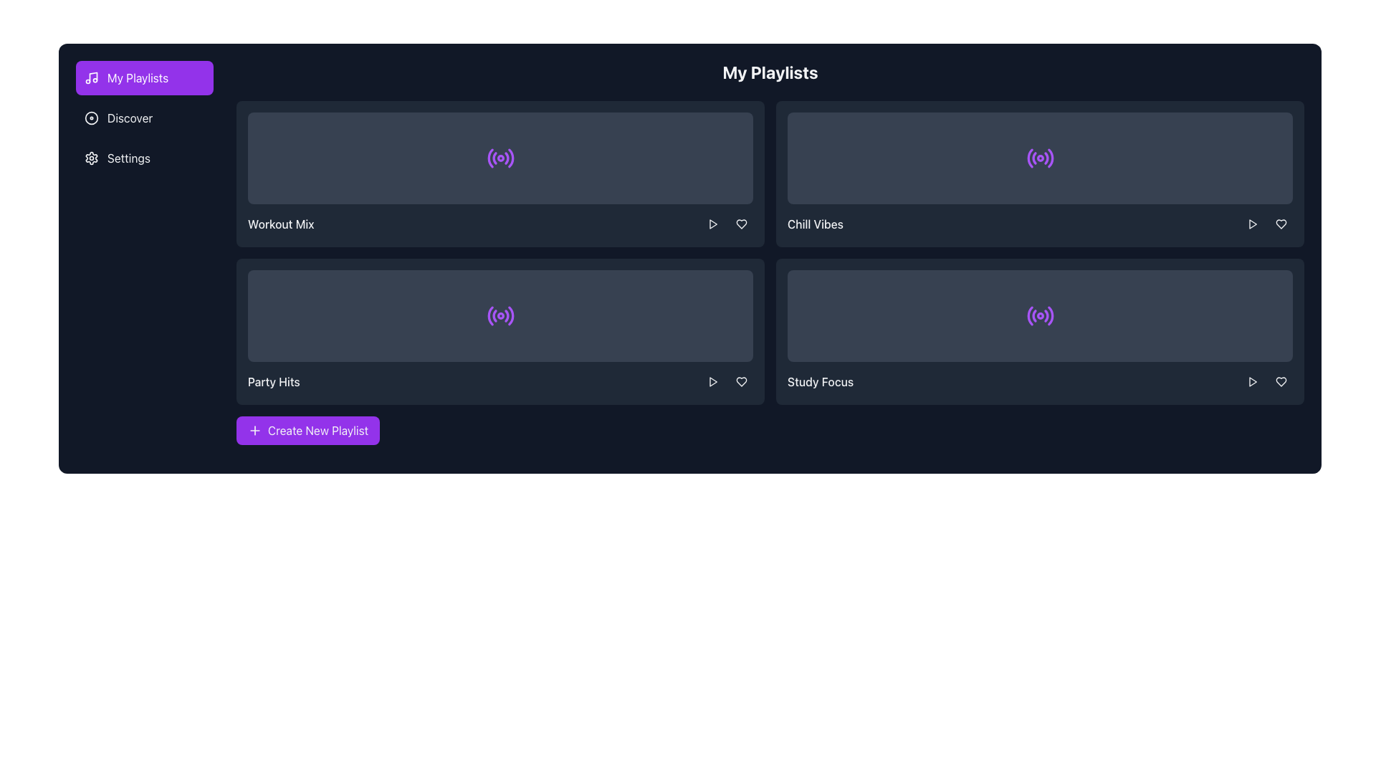  I want to click on the gear-shaped icon in the left sidebar adjacent to the 'Settings' label, so click(91, 158).